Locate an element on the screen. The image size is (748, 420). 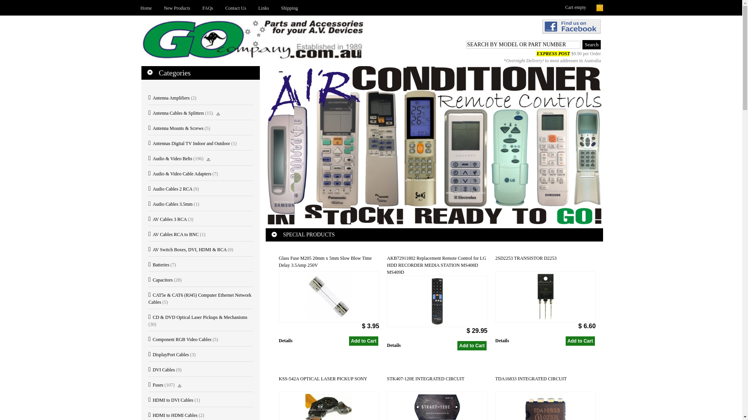
'HDMI to DVI Cables' is located at coordinates (148, 400).